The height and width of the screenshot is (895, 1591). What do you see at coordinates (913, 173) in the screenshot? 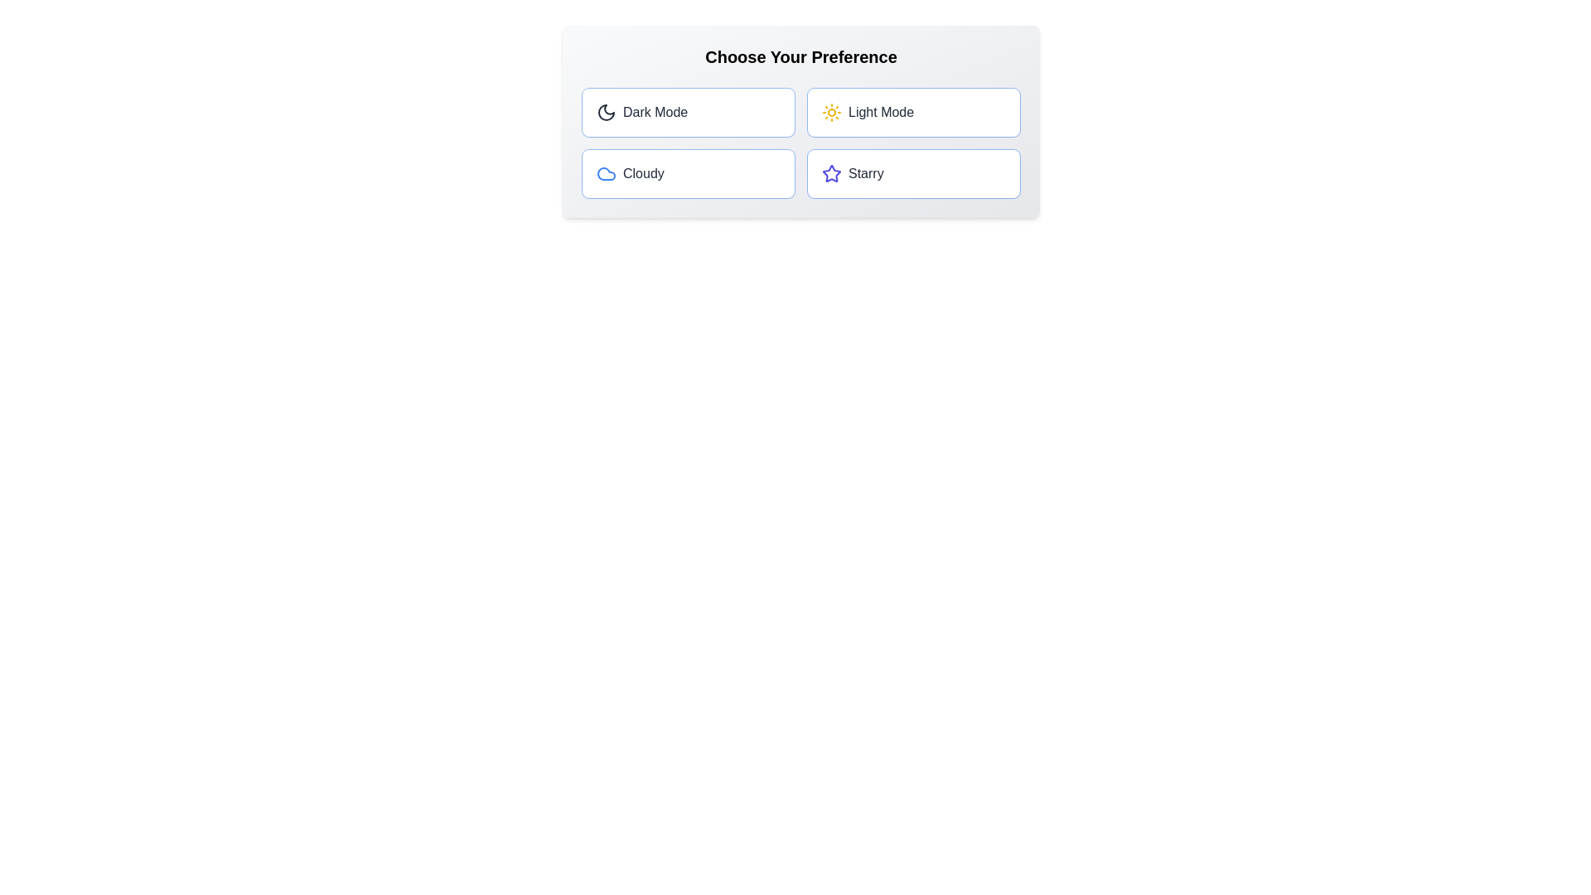
I see `the 'Starry' button located in the lower right of a 2x2 grid, which is the fourth interactive element beneath 'Light Mode' and adjacent to 'Cloudy'` at bounding box center [913, 173].